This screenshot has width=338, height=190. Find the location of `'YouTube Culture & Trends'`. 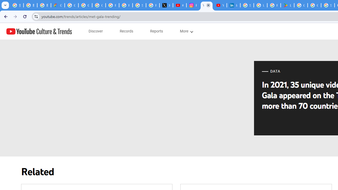

'YouTube Culture & Trends' is located at coordinates (39, 31).